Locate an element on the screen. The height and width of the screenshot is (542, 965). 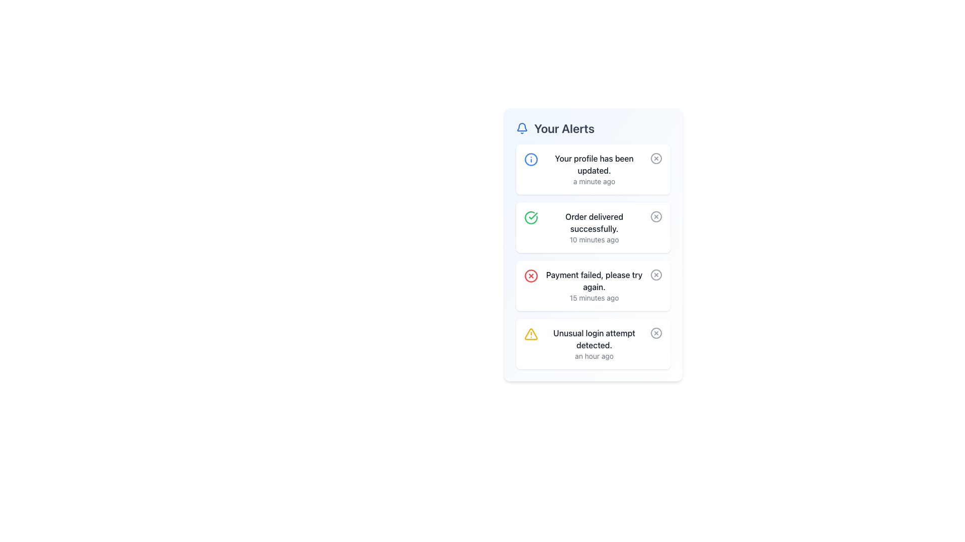
the informational icon located in the first alert box of the 'Your Alerts' section, which is positioned to the left of the text 'Your profile has been updated.' is located at coordinates (530, 159).